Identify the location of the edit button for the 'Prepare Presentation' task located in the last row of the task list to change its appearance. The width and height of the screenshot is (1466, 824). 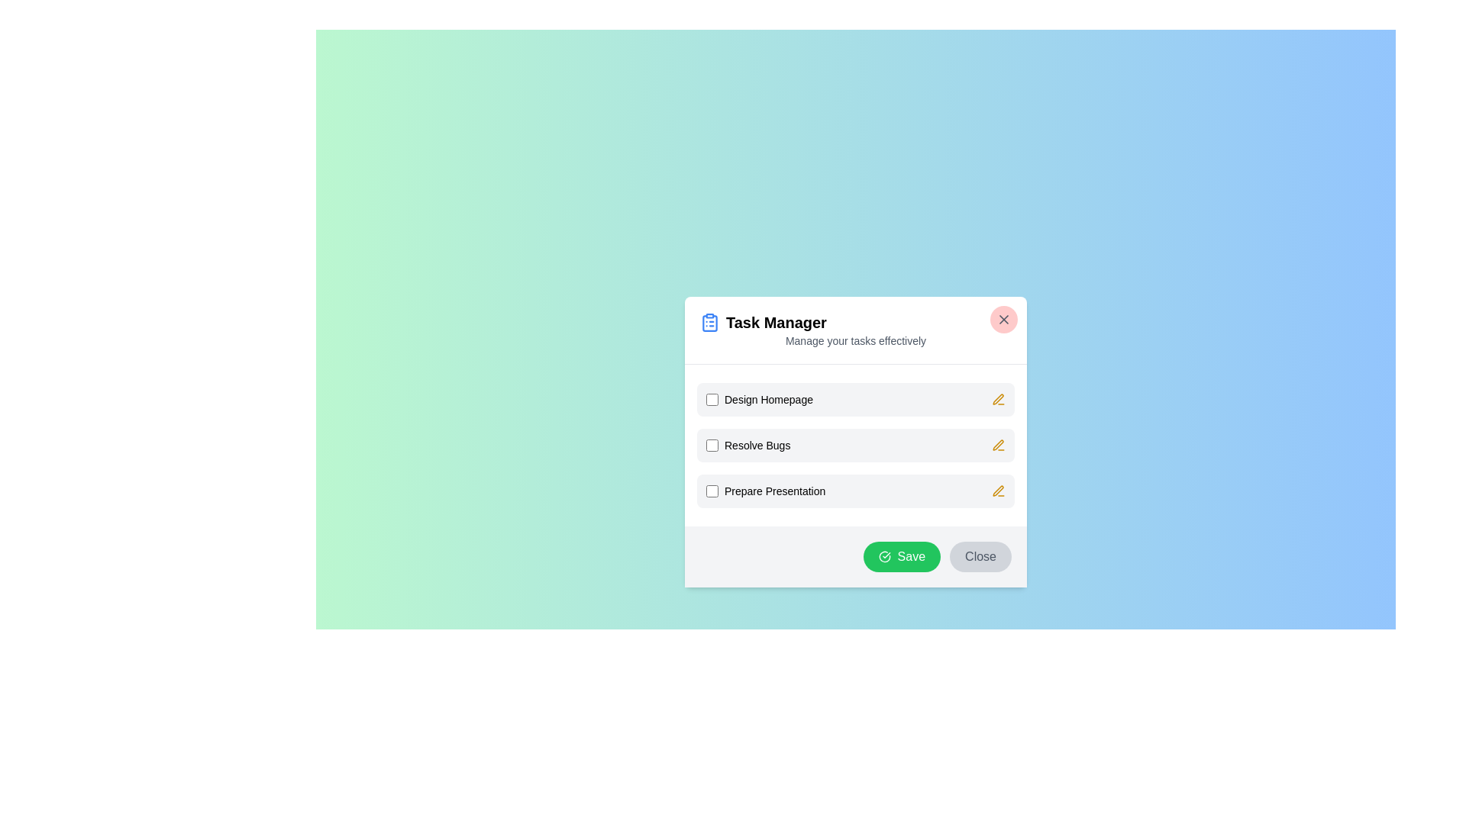
(999, 491).